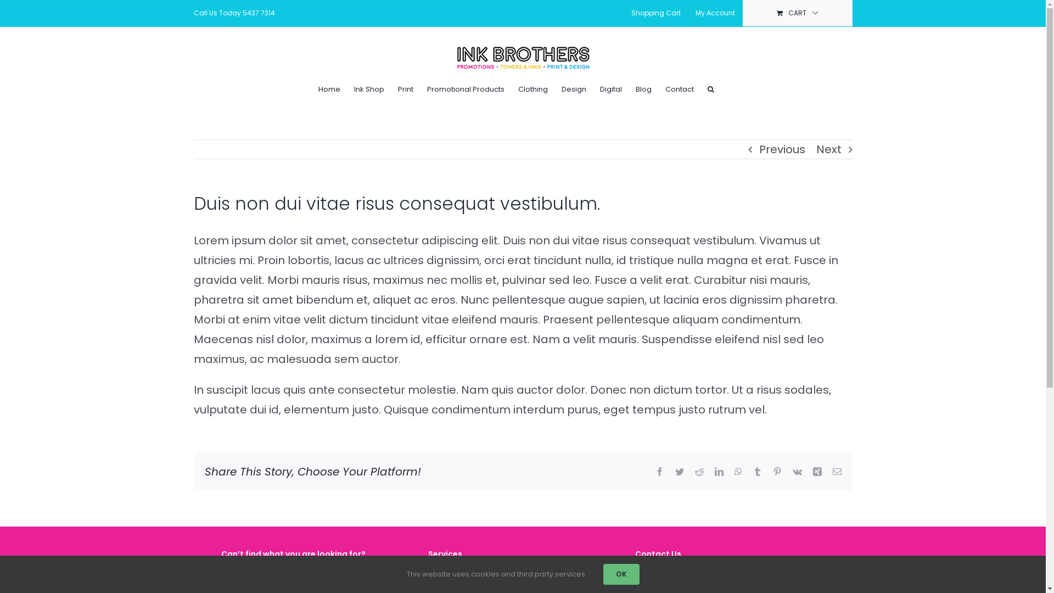 Image resolution: width=1054 pixels, height=593 pixels. Describe the element at coordinates (738, 471) in the screenshot. I see `'WhatsApp'` at that location.